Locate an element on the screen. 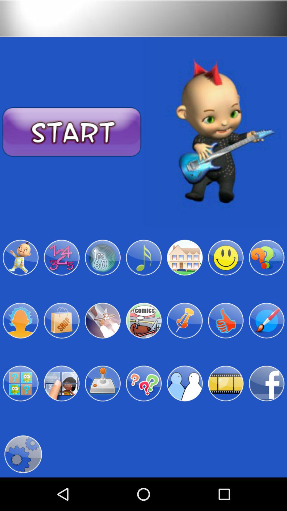 The image size is (287, 511). video option is located at coordinates (226, 384).